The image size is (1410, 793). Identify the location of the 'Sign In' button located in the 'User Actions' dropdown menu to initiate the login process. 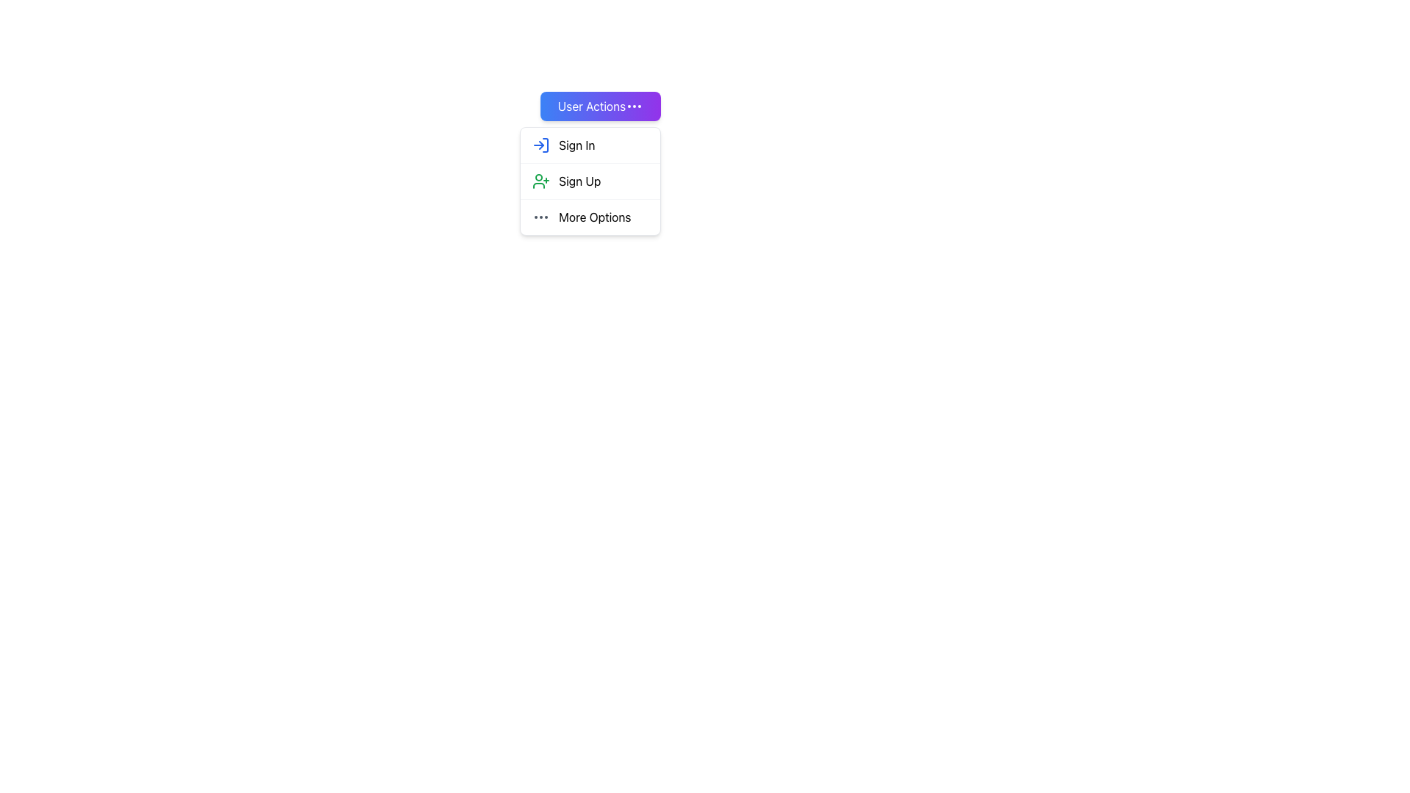
(590, 145).